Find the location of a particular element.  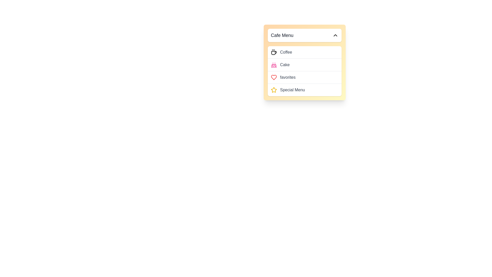

the 'Cake' menu option label is located at coordinates (284, 65).